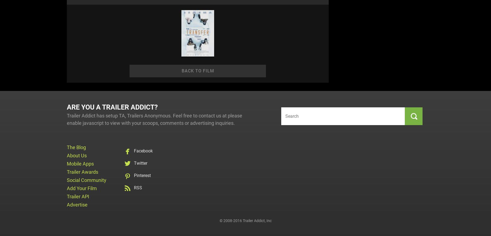 The image size is (491, 236). I want to click on 'Facebook', so click(143, 150).